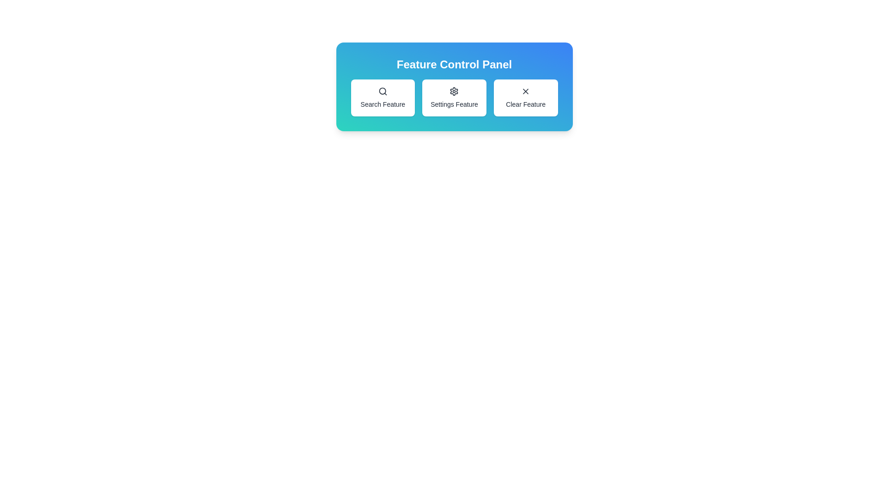 The height and width of the screenshot is (499, 887). What do you see at coordinates (526, 91) in the screenshot?
I see `the small 'X' icon with a white background and black lines, which is positioned at the center-top of the 'Clear Feature' button` at bounding box center [526, 91].